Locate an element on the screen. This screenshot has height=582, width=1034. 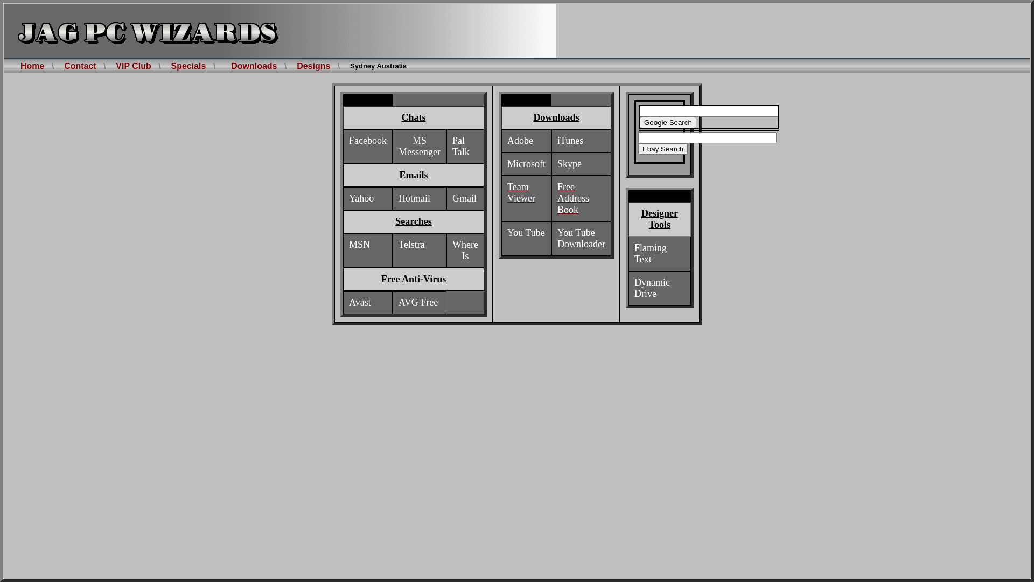
'Home' is located at coordinates (32, 66).